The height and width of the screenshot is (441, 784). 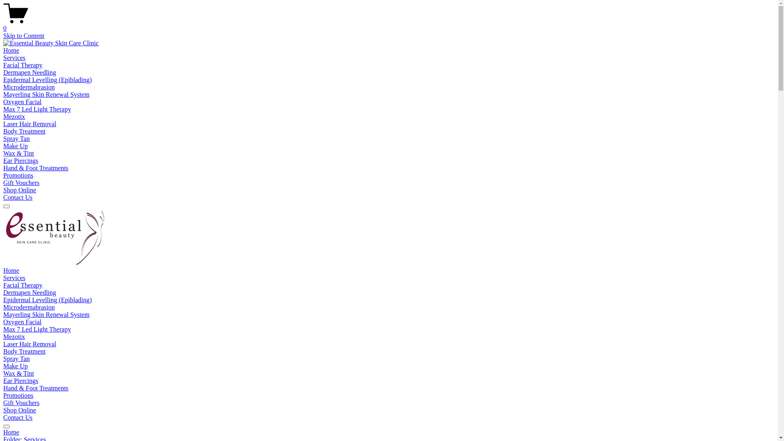 I want to click on 'Gift Vouchers', so click(x=21, y=402).